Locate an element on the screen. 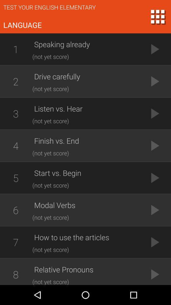  app next to the  relative pronouns item is located at coordinates (16, 273).